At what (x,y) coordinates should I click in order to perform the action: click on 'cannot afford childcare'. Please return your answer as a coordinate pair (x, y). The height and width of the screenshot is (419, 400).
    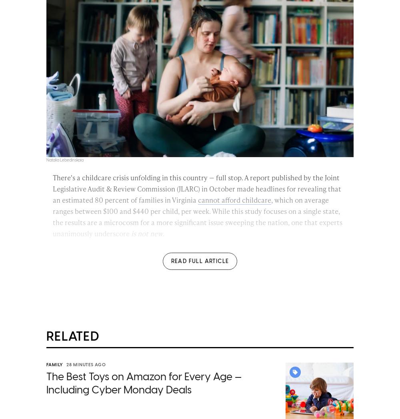
    Looking at the image, I should click on (234, 201).